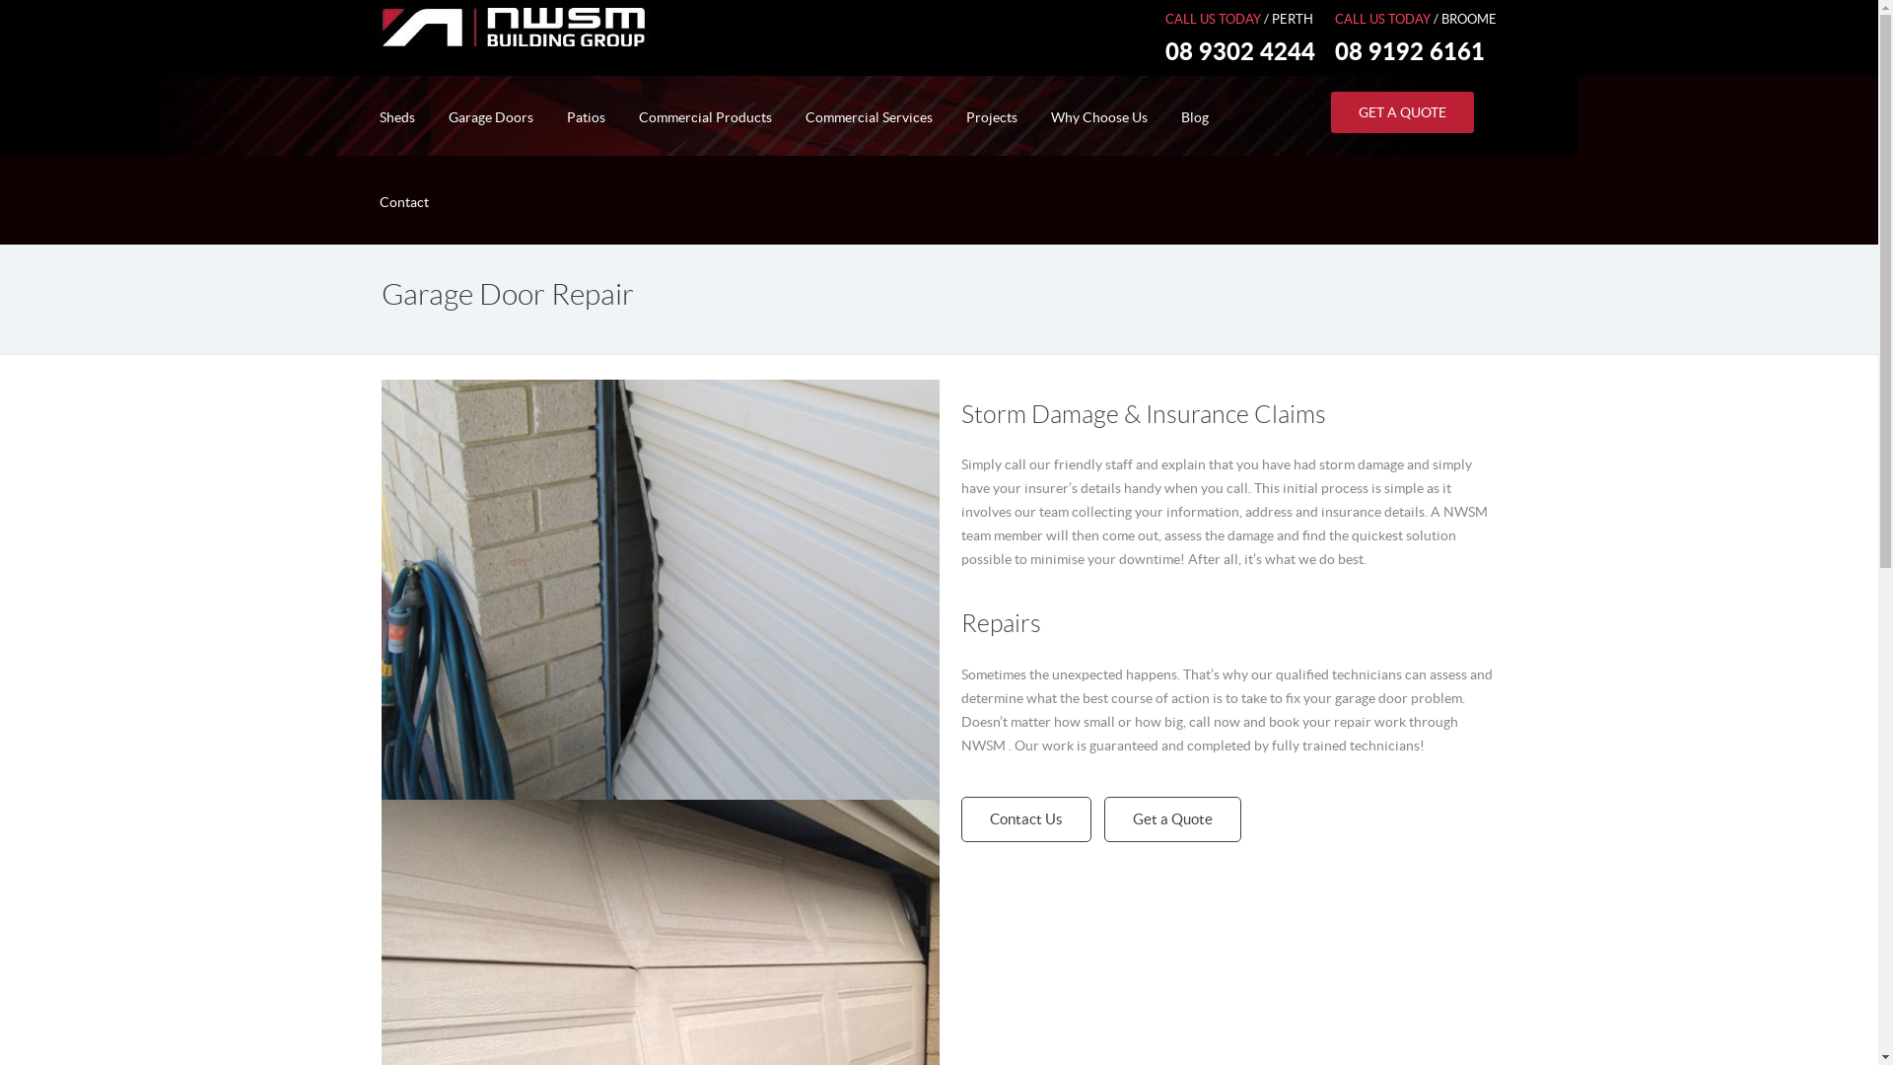  What do you see at coordinates (704, 117) in the screenshot?
I see `'Commercial Products'` at bounding box center [704, 117].